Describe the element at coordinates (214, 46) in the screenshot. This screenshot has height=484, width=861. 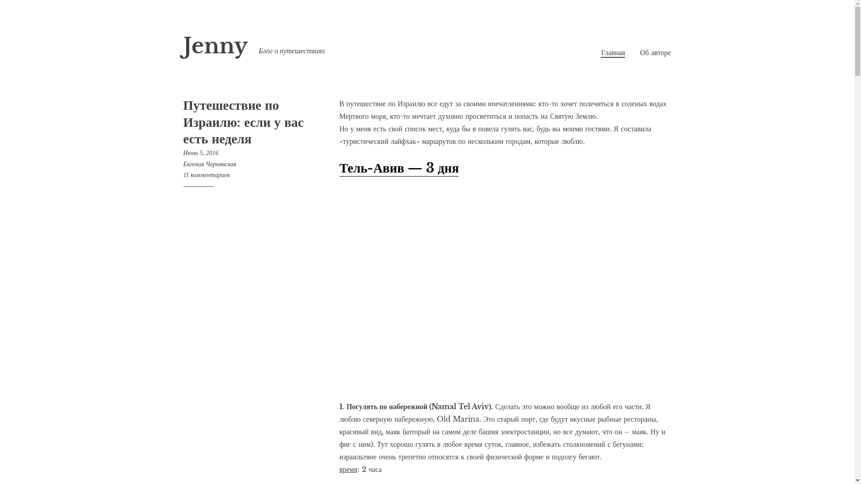
I see `'Jenny'` at that location.